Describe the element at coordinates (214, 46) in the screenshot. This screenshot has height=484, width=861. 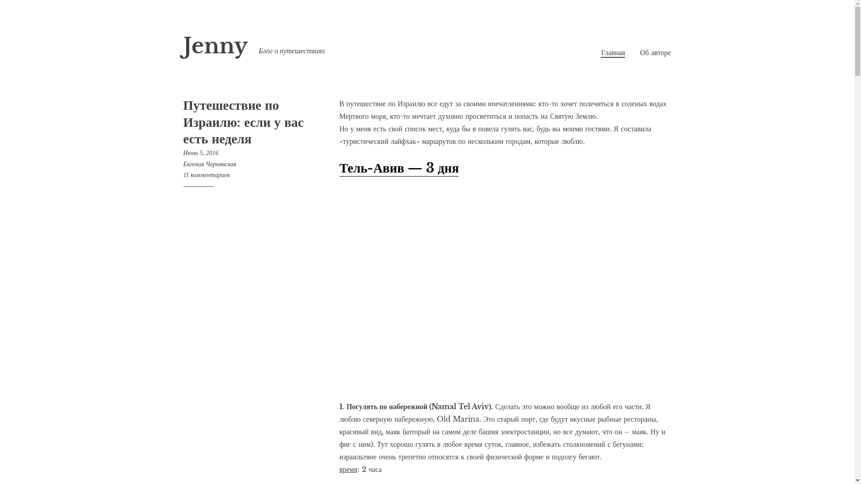
I see `'Jenny'` at that location.